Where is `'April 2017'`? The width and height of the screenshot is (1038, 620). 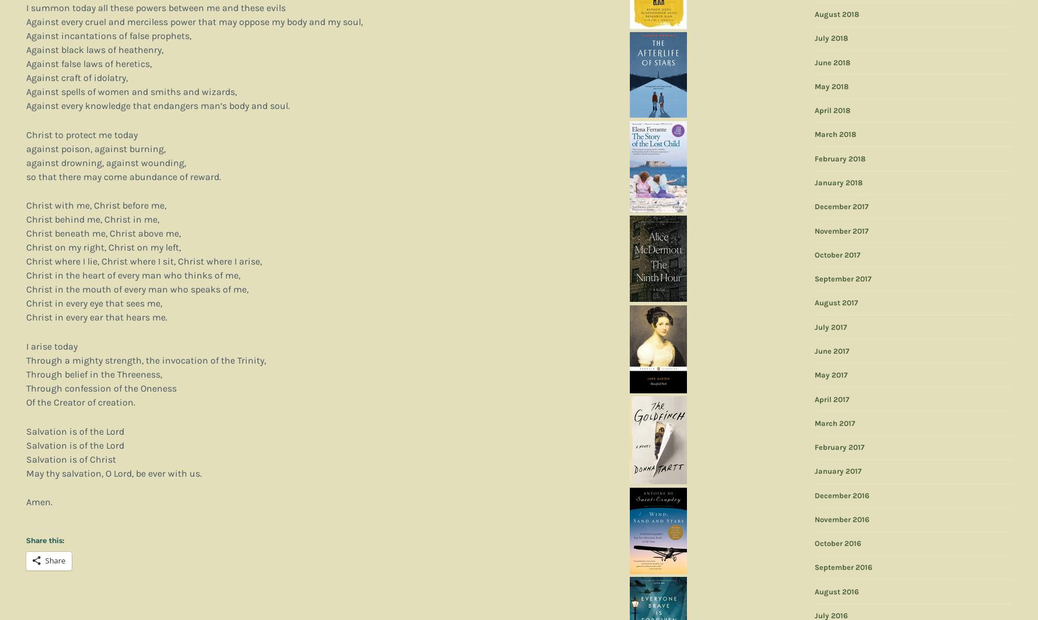
'April 2017' is located at coordinates (814, 399).